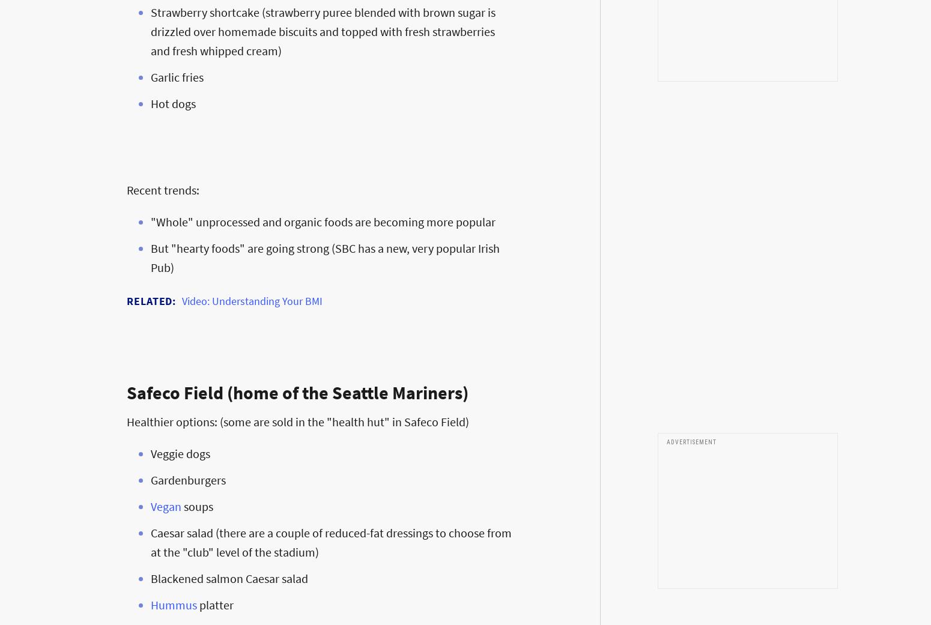  Describe the element at coordinates (150, 480) in the screenshot. I see `'Gardenburgers'` at that location.